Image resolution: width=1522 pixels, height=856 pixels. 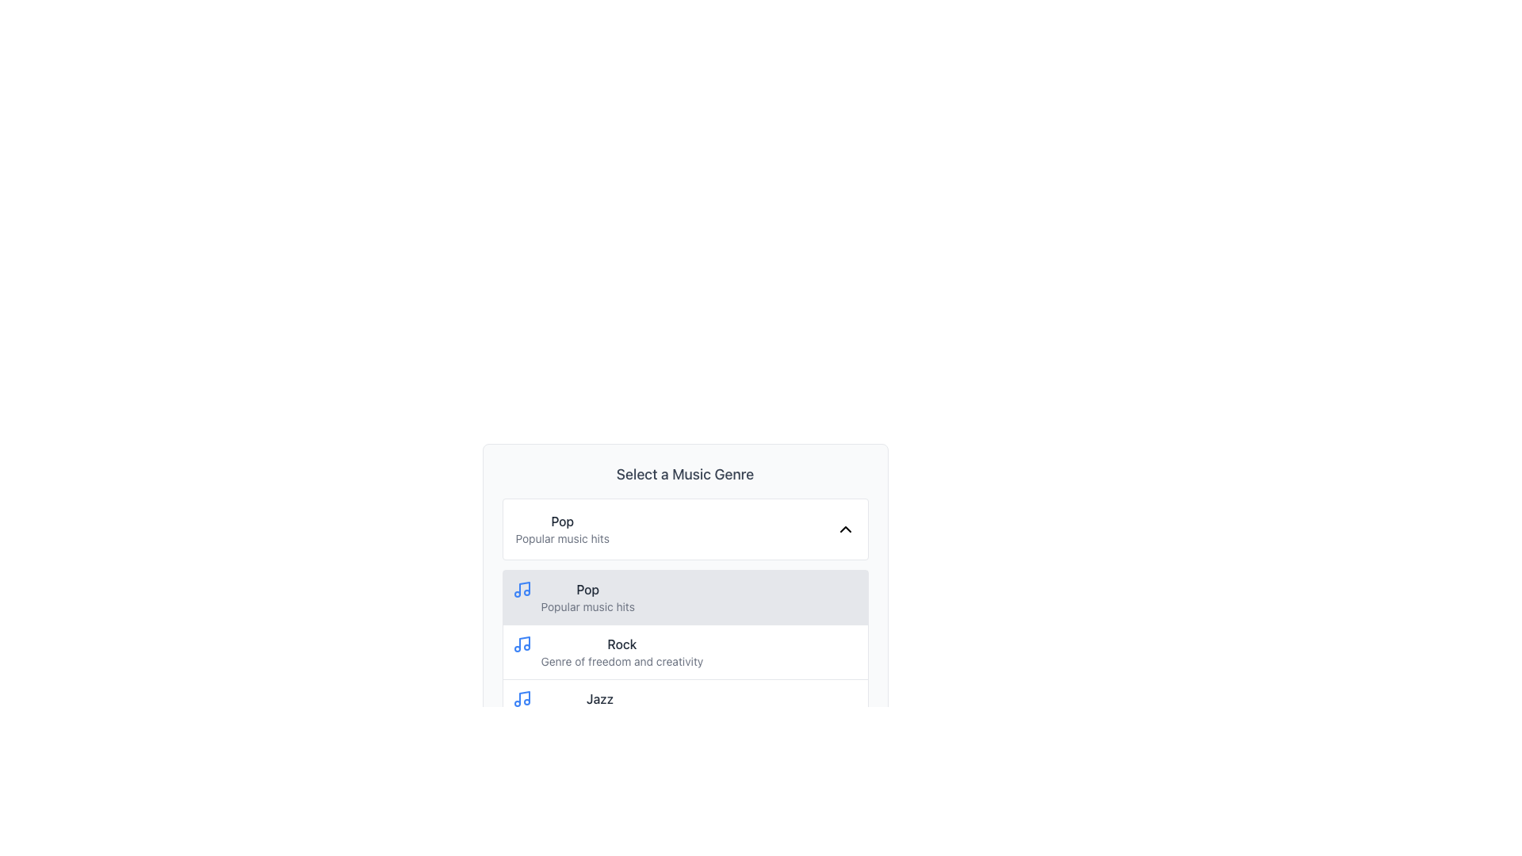 What do you see at coordinates (587, 606) in the screenshot?
I see `the text label that provides a brief description of the music genre 'Pop', located near the center of the dropdown menu` at bounding box center [587, 606].